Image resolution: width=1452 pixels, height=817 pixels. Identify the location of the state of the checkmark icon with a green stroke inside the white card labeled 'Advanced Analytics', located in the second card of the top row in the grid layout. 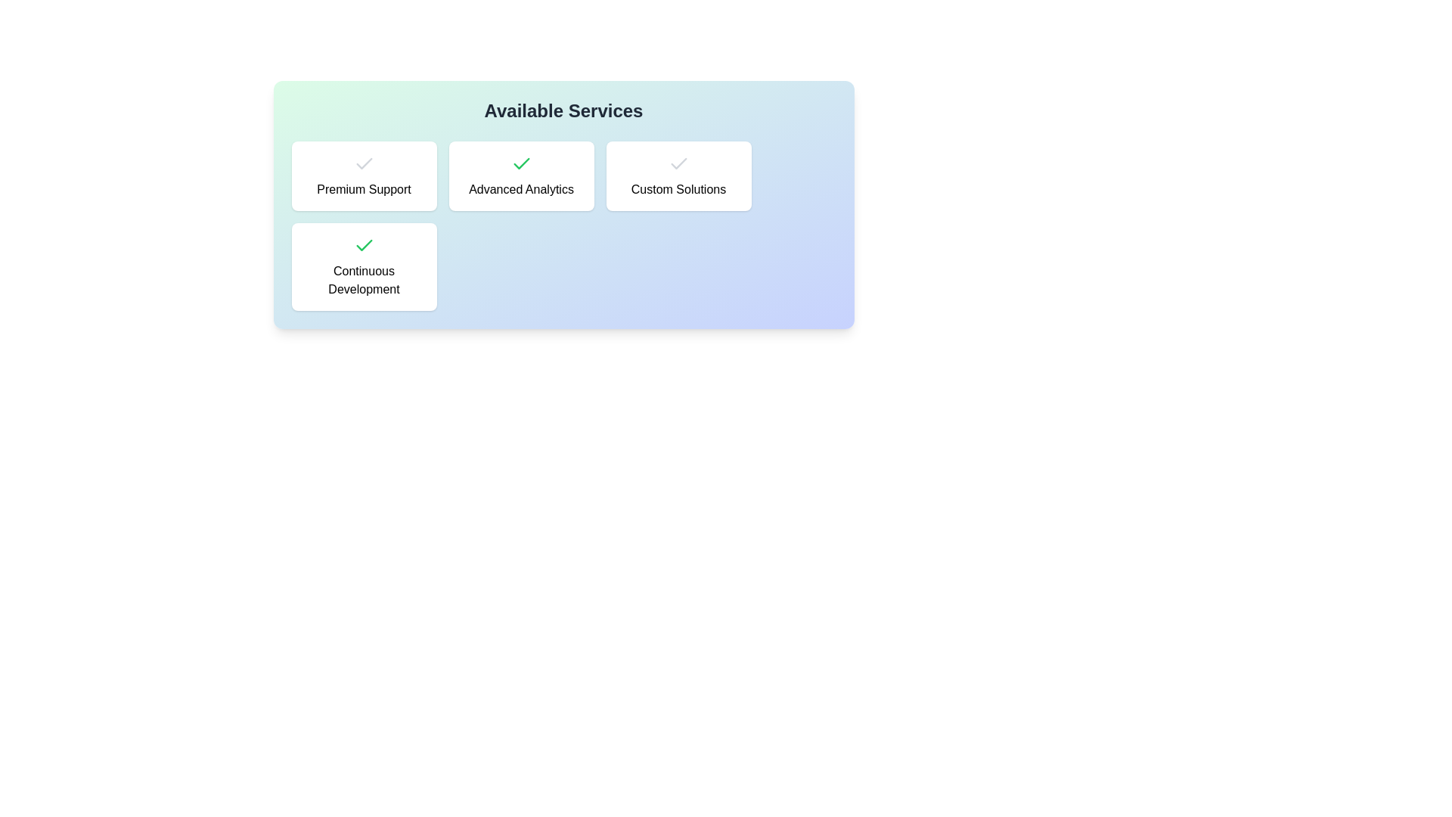
(521, 163).